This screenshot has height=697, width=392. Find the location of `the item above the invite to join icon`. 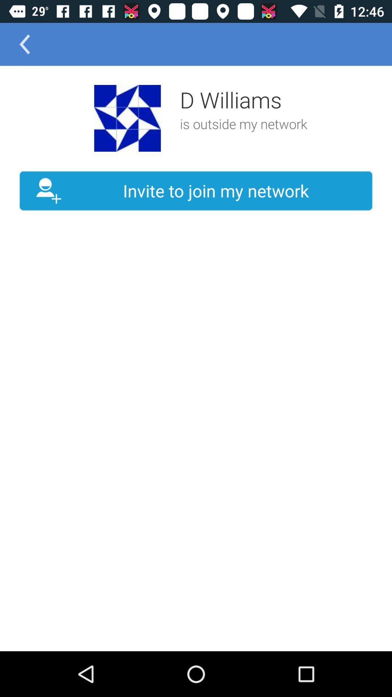

the item above the invite to join icon is located at coordinates (24, 44).